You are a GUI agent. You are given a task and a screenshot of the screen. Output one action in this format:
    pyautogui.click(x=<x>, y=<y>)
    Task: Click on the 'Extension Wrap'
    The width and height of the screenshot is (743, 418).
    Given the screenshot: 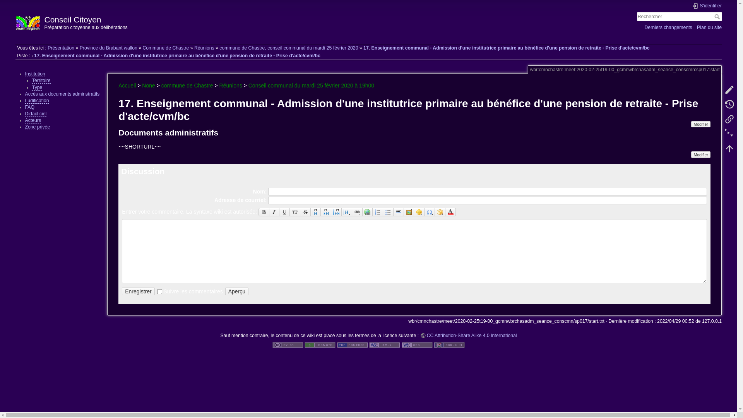 What is the action you would take?
    pyautogui.click(x=440, y=212)
    